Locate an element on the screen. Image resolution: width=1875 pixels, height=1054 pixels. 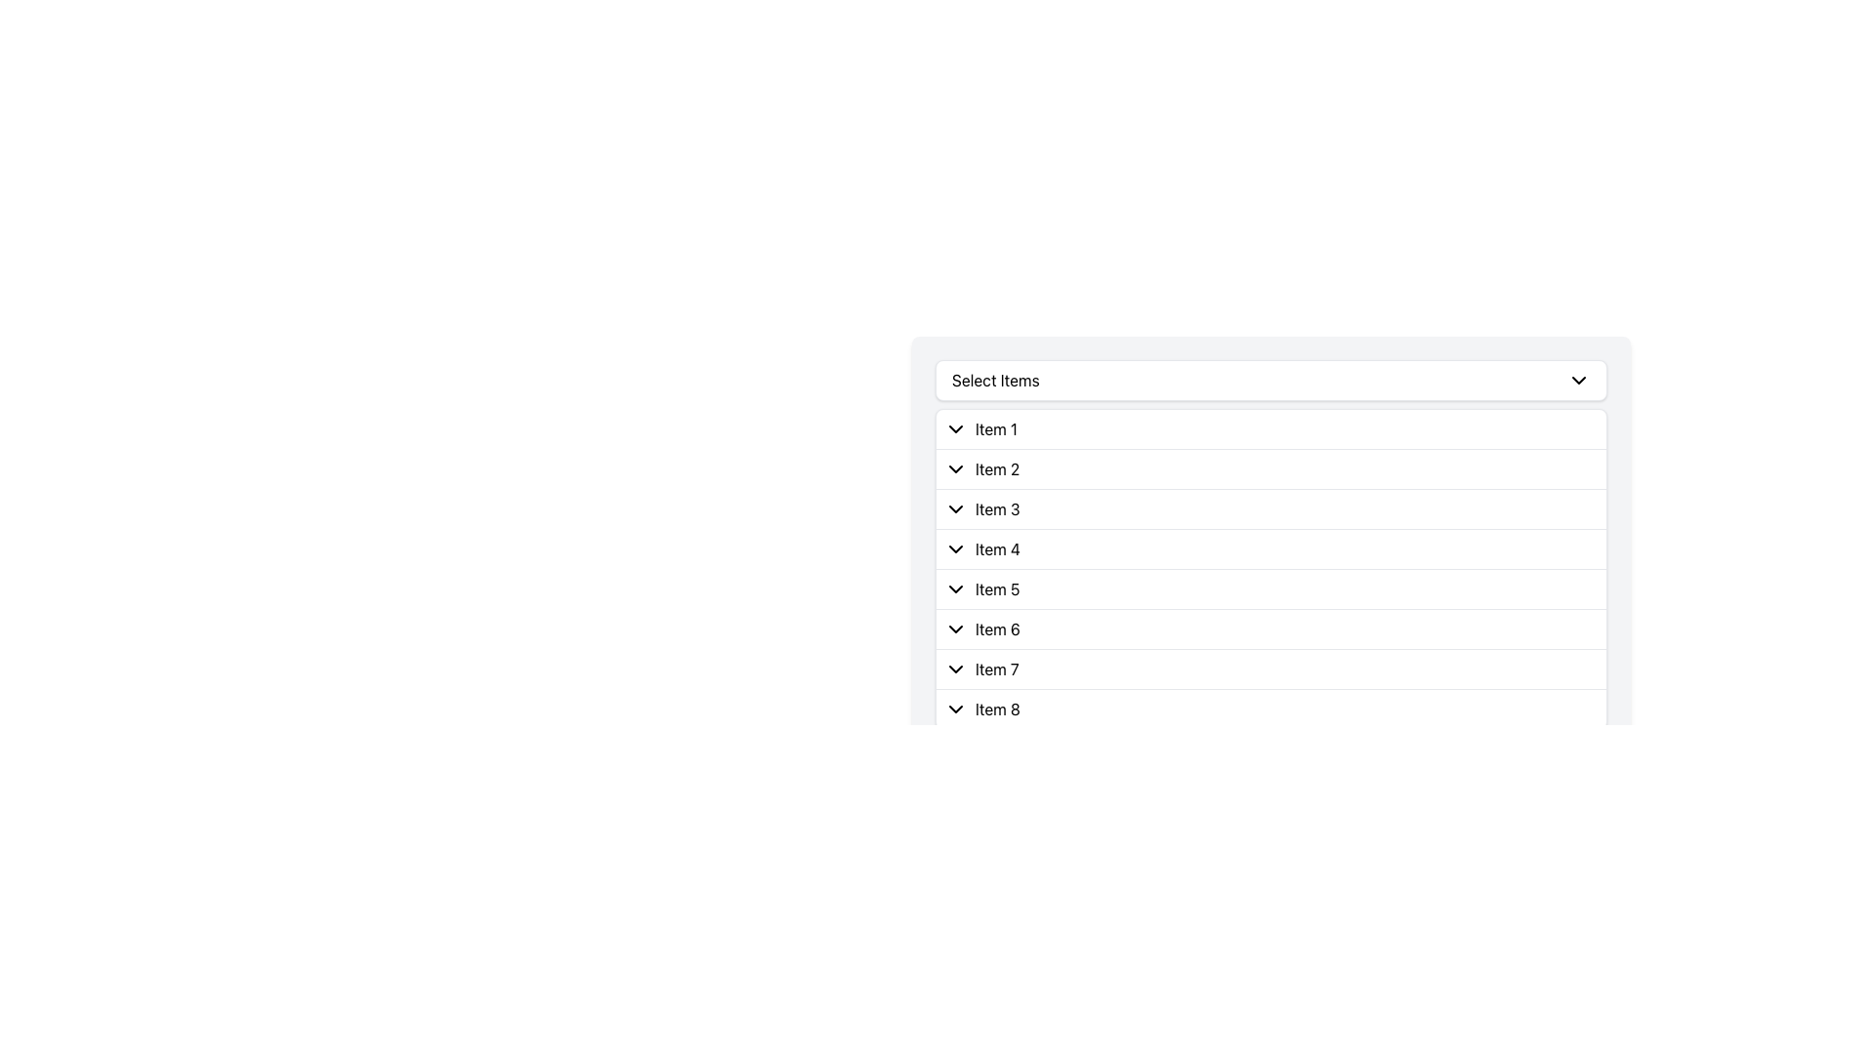
the second item in the dropdown menu list, labeled 'Item 2' is located at coordinates (981, 469).